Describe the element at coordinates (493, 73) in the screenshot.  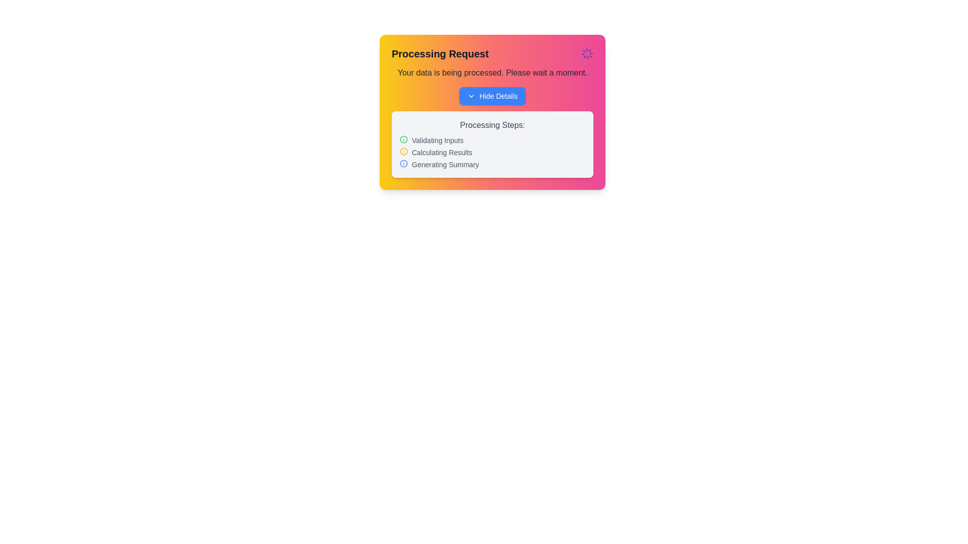
I see `the Text Label that reads 'Your data is being processed. Please wait a moment.' which is styled in gray and located below the header 'Processing Request'` at that location.